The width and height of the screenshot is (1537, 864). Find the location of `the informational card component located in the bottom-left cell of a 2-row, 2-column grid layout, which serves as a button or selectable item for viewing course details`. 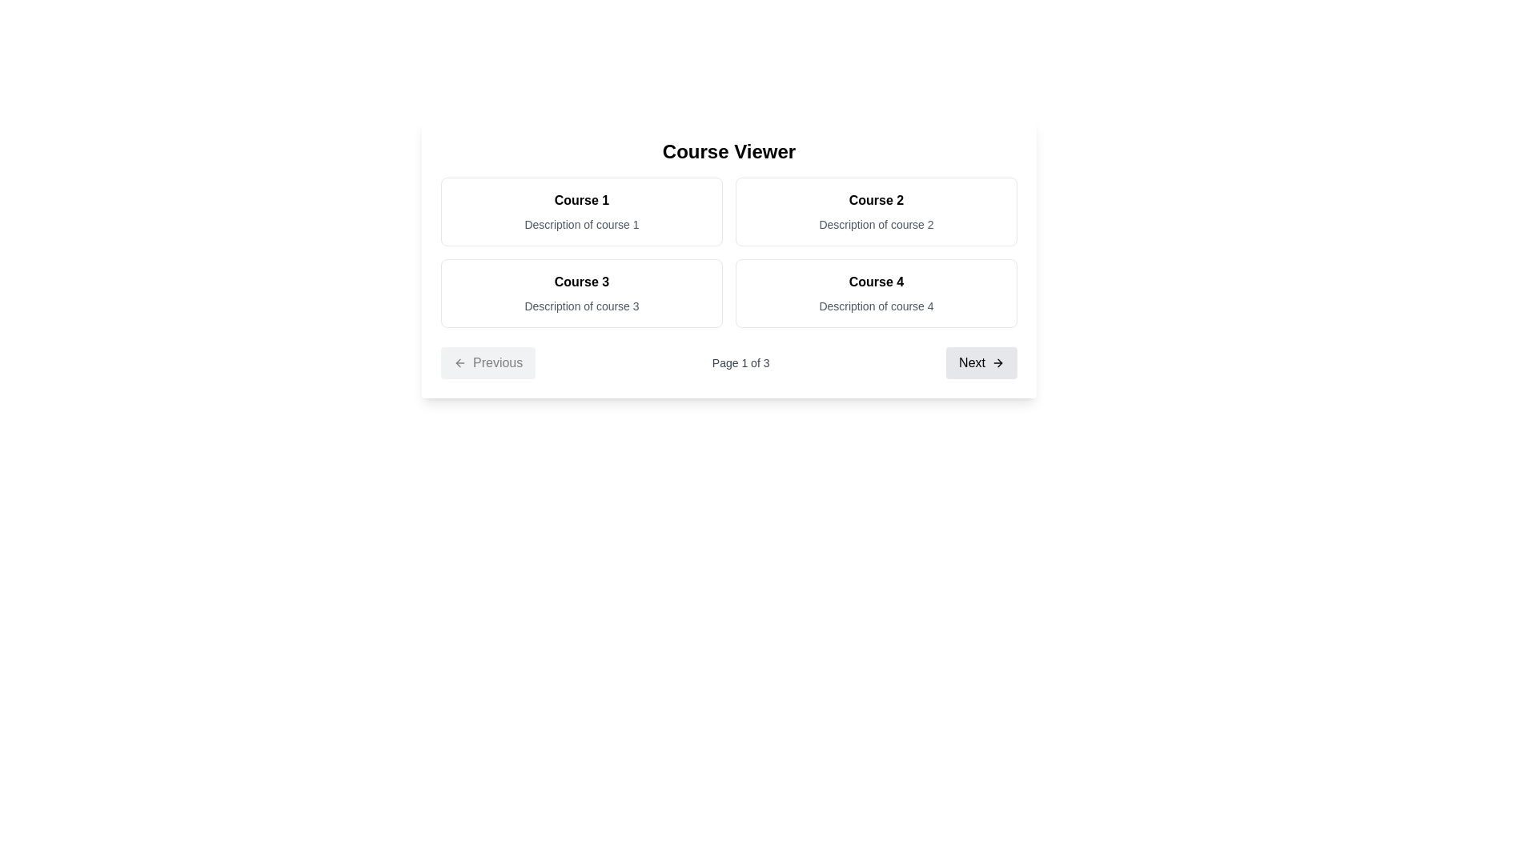

the informational card component located in the bottom-left cell of a 2-row, 2-column grid layout, which serves as a button or selectable item for viewing course details is located at coordinates (580, 293).